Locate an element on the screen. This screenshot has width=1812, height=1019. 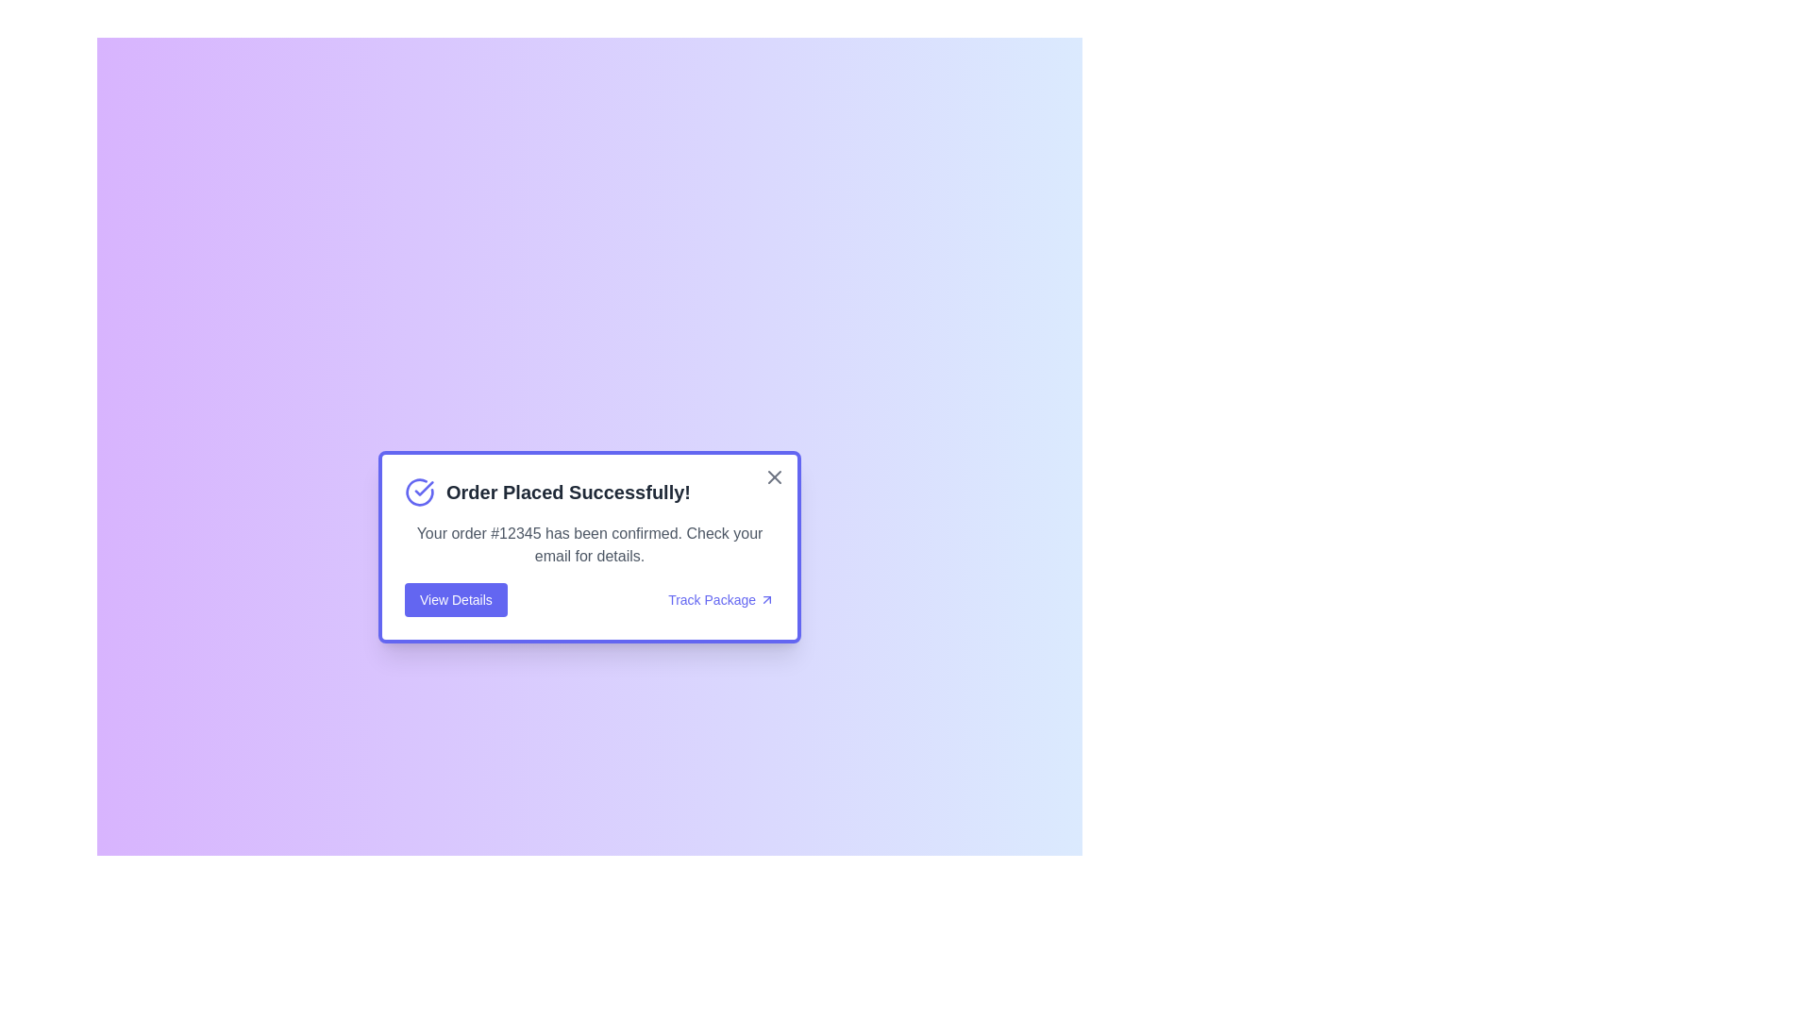
the close button in the top-right corner of the alert to close it is located at coordinates (774, 476).